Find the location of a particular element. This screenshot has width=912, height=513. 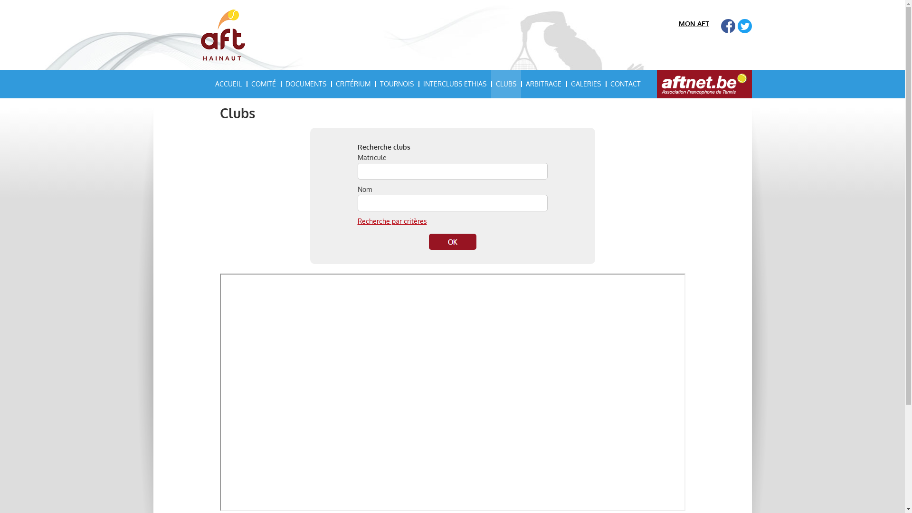

'Twitter' is located at coordinates (743, 25).